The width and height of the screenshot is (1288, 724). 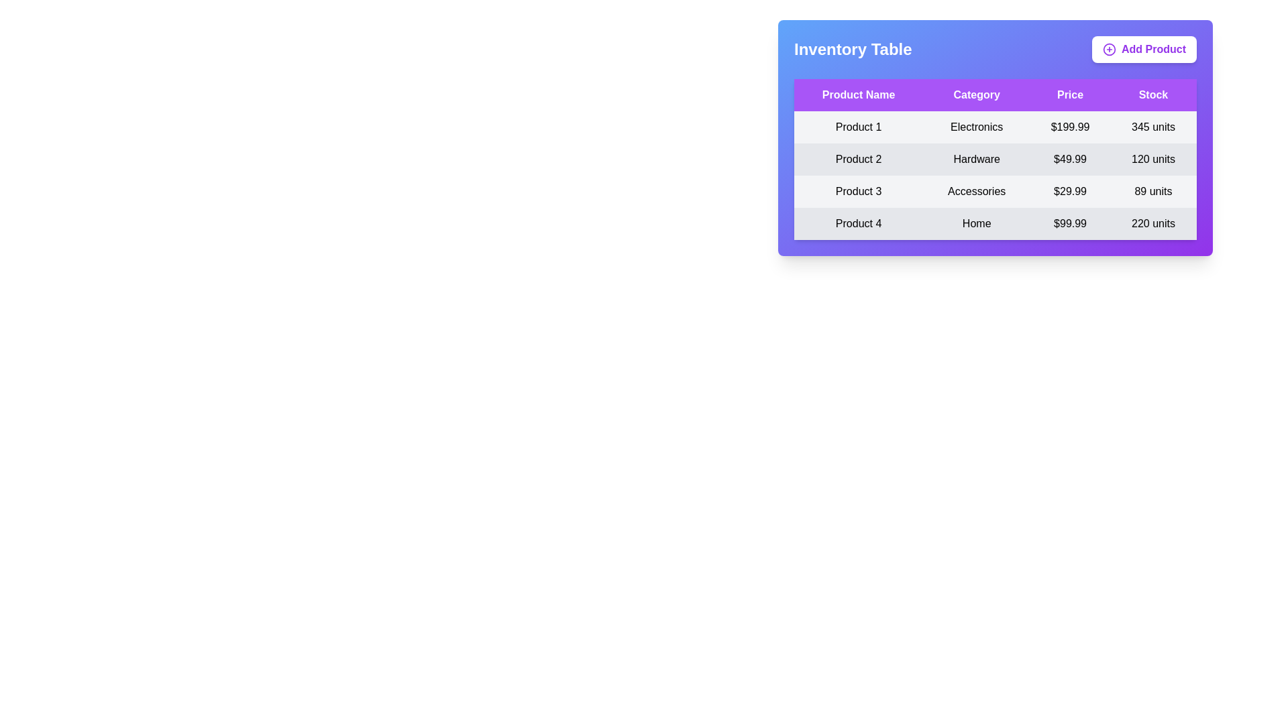 I want to click on the row corresponding to Product 3, so click(x=995, y=191).